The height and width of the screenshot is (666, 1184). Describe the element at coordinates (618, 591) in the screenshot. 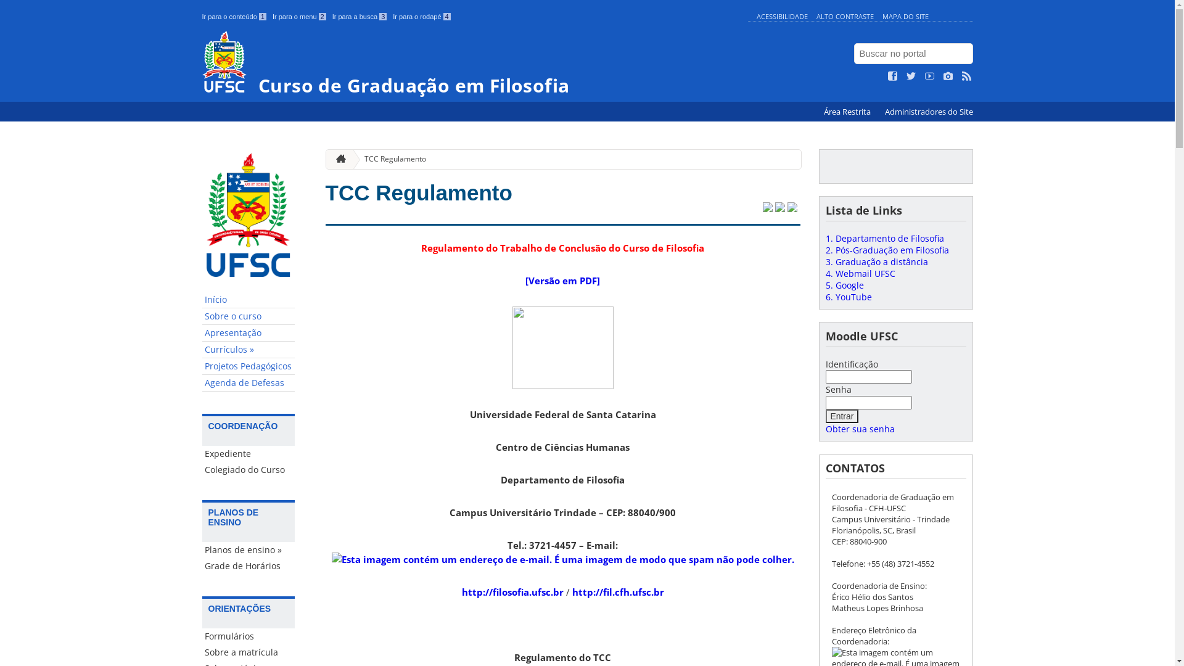

I see `'http://fil.cfh.ufsc.br'` at that location.